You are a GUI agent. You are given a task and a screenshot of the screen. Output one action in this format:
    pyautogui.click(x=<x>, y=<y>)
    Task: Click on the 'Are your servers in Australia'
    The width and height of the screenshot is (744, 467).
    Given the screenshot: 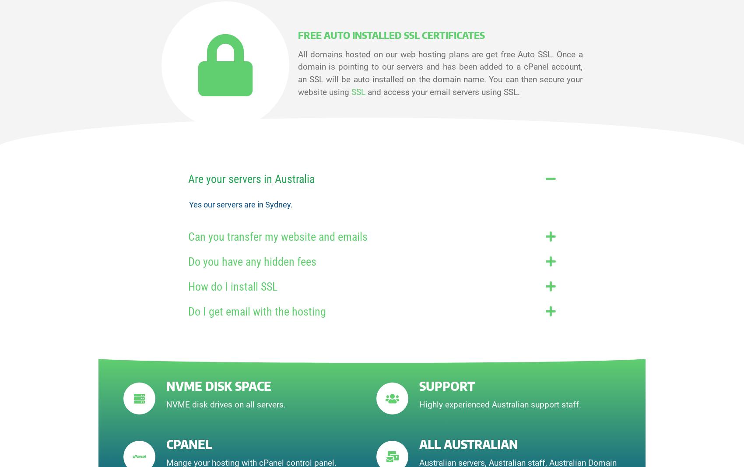 What is the action you would take?
    pyautogui.click(x=251, y=178)
    